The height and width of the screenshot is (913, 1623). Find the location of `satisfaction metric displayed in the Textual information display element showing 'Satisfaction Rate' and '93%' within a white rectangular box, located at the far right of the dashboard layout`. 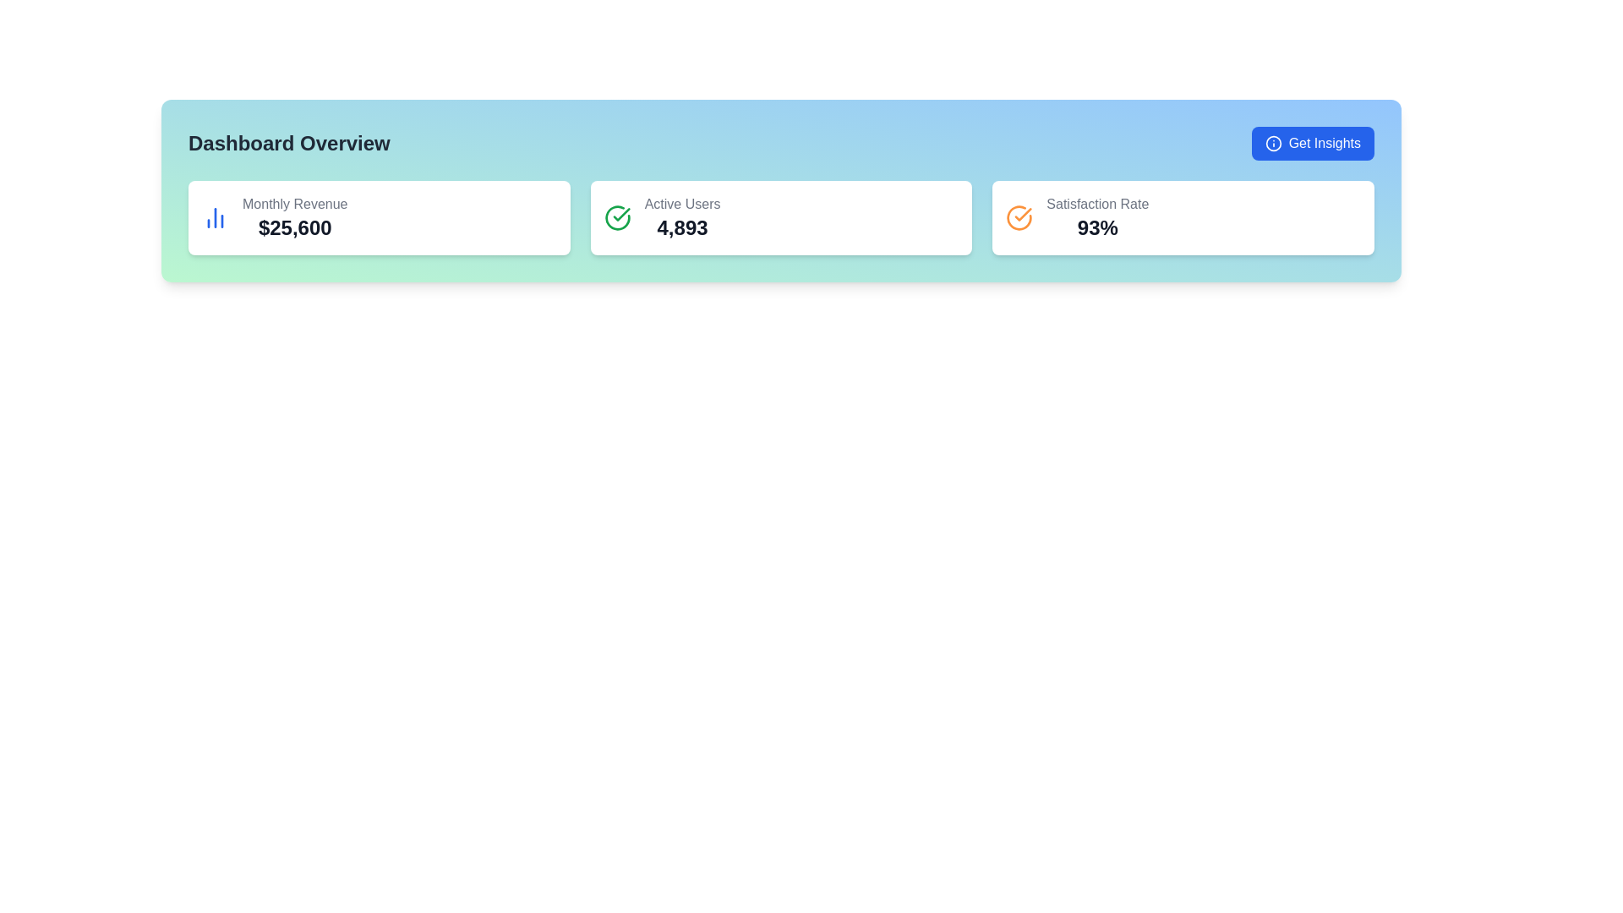

satisfaction metric displayed in the Textual information display element showing 'Satisfaction Rate' and '93%' within a white rectangular box, located at the far right of the dashboard layout is located at coordinates (1097, 217).